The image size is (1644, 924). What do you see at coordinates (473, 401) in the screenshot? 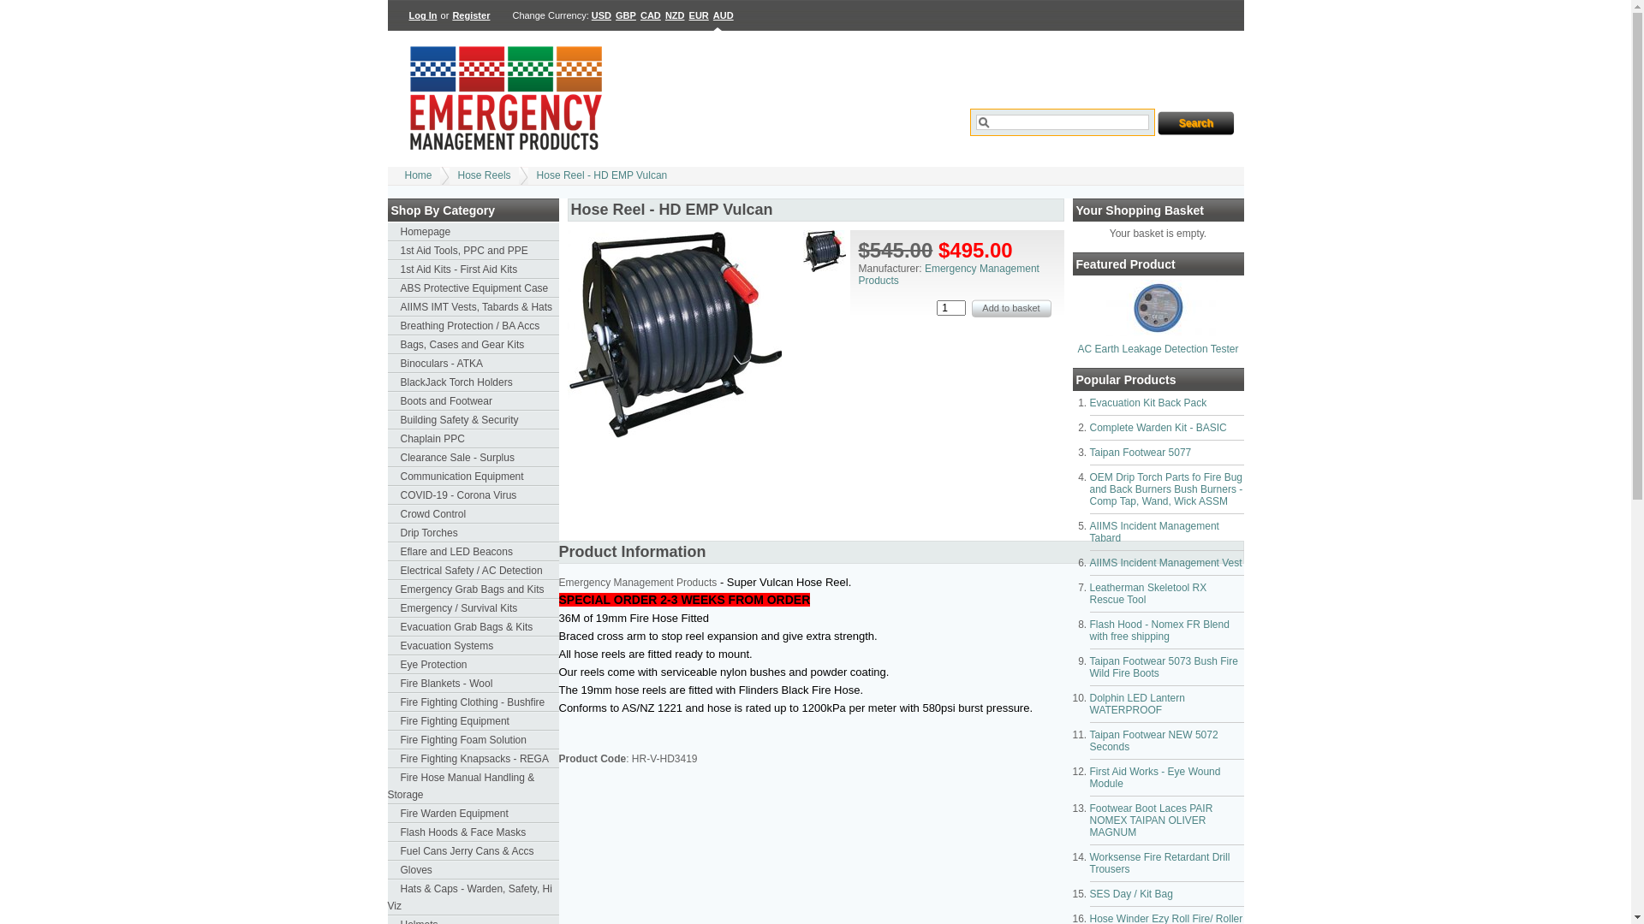
I see `'Boots and Footwear'` at bounding box center [473, 401].